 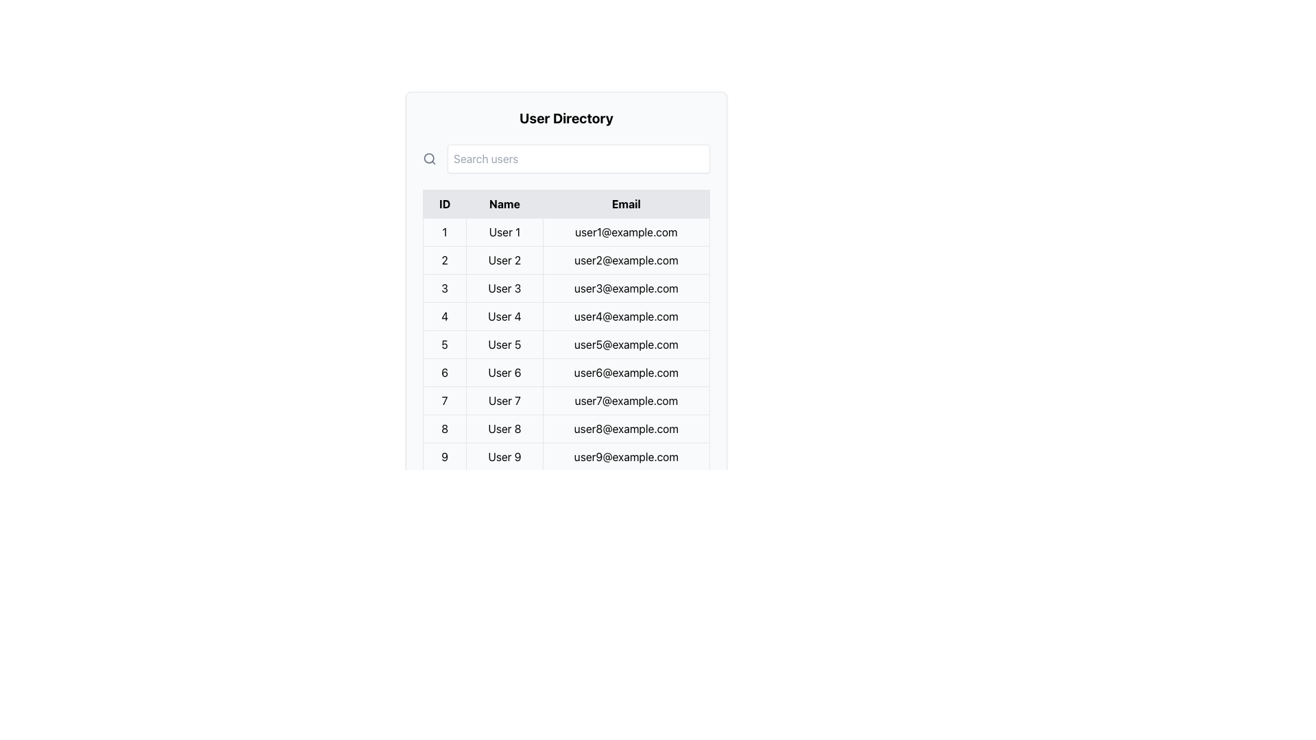 I want to click on the first row of the user information table, so click(x=566, y=232).